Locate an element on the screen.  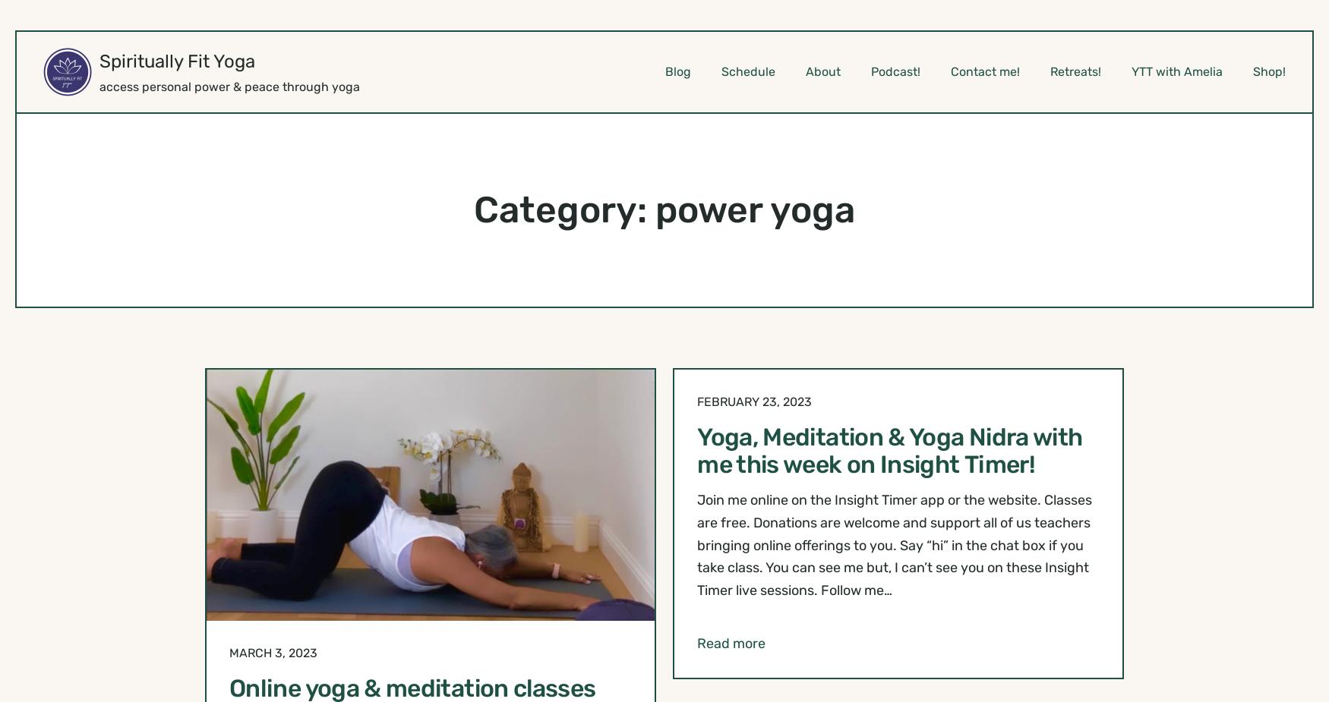
'Spiritually Fit Yoga' is located at coordinates (177, 61).